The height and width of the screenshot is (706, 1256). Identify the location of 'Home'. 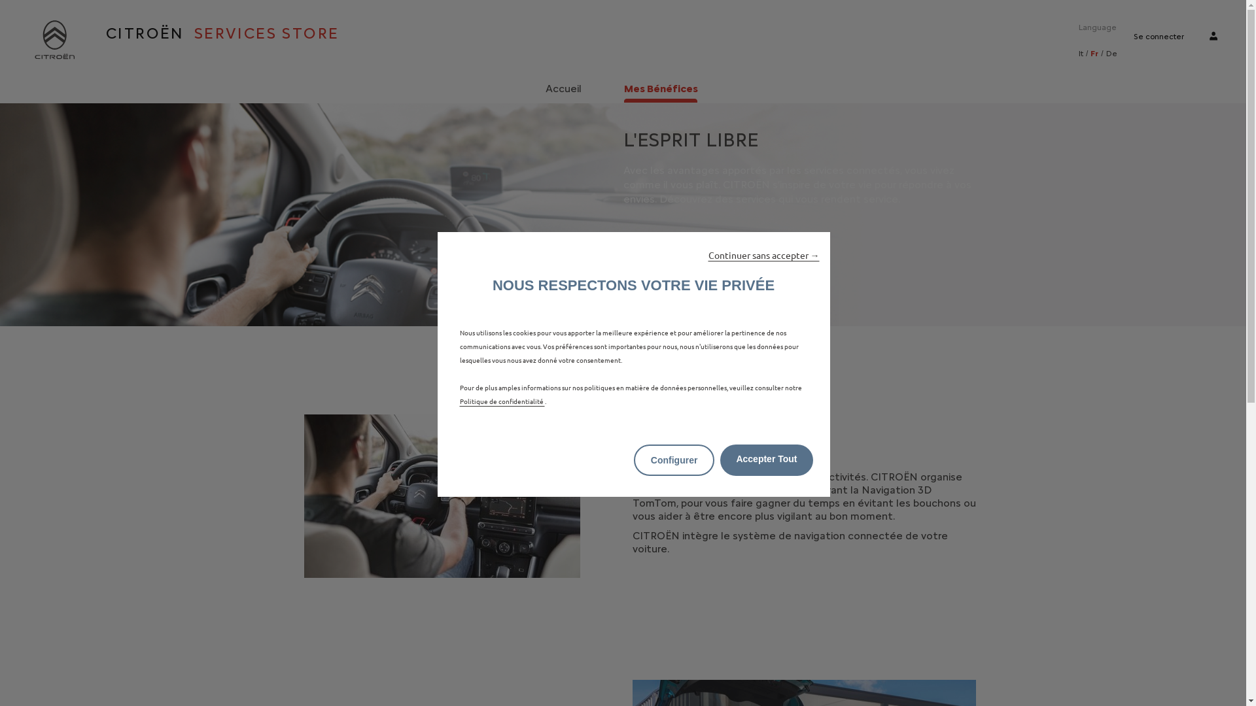
(53, 39).